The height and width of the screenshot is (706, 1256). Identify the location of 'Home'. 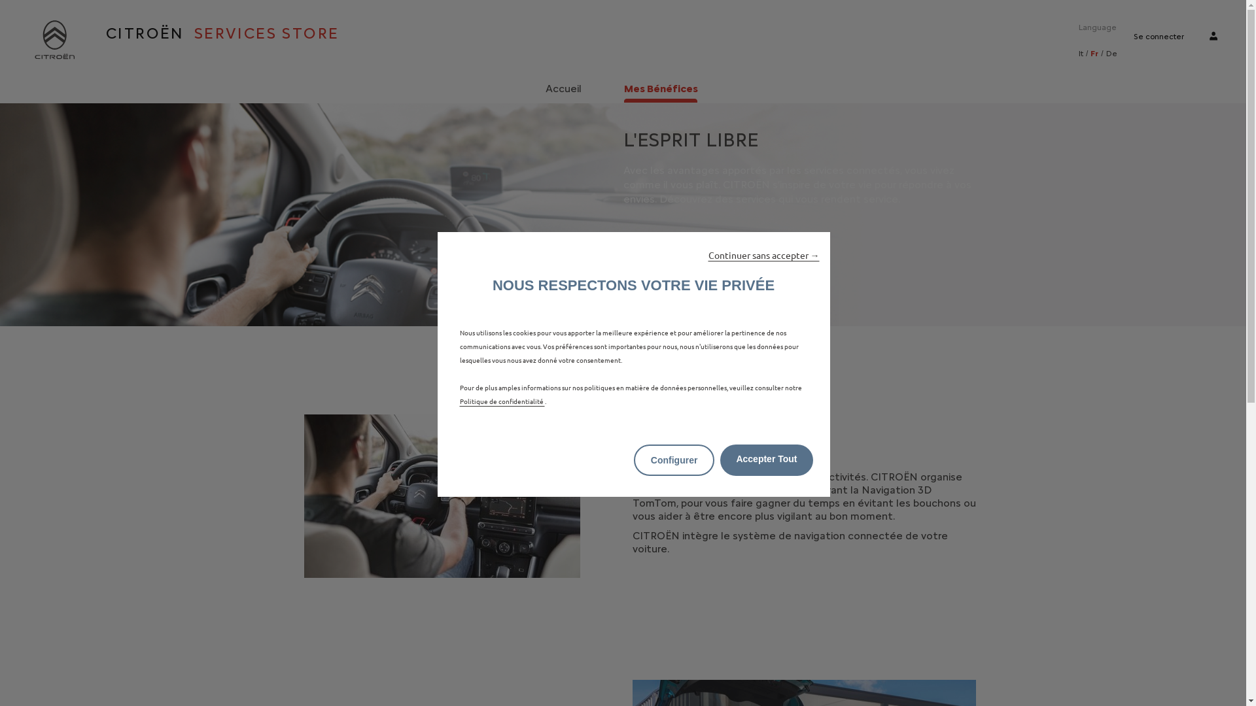
(53, 39).